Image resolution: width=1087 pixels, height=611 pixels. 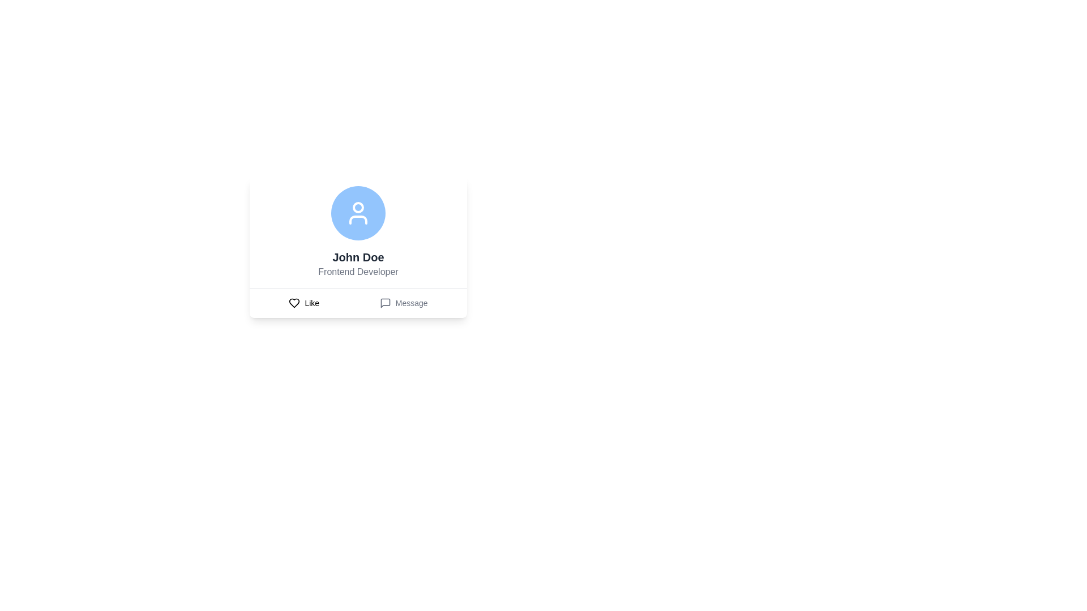 I want to click on the message icon, which resembles a small message square with rounded corners and a speech bubble tail, located next to the text 'Message' at the bottom right section of the card interface, so click(x=385, y=303).